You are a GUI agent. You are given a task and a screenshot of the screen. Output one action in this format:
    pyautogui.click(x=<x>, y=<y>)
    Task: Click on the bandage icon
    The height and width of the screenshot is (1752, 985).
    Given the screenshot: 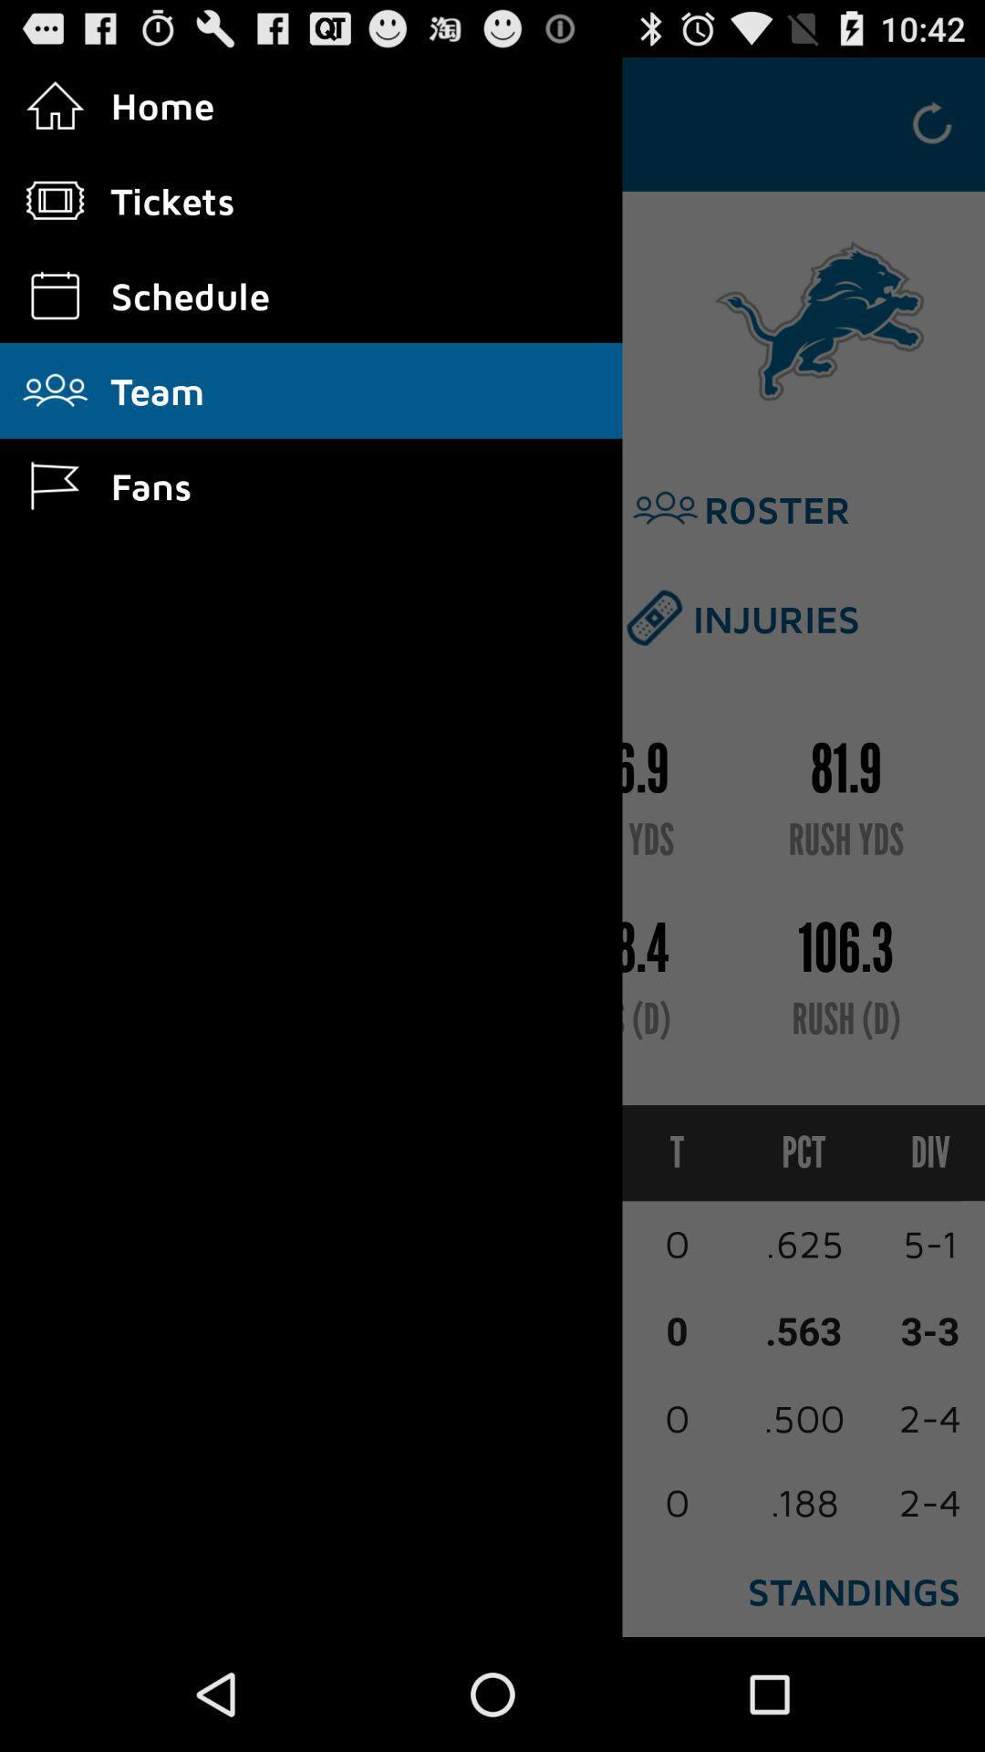 What is the action you would take?
    pyautogui.click(x=653, y=617)
    